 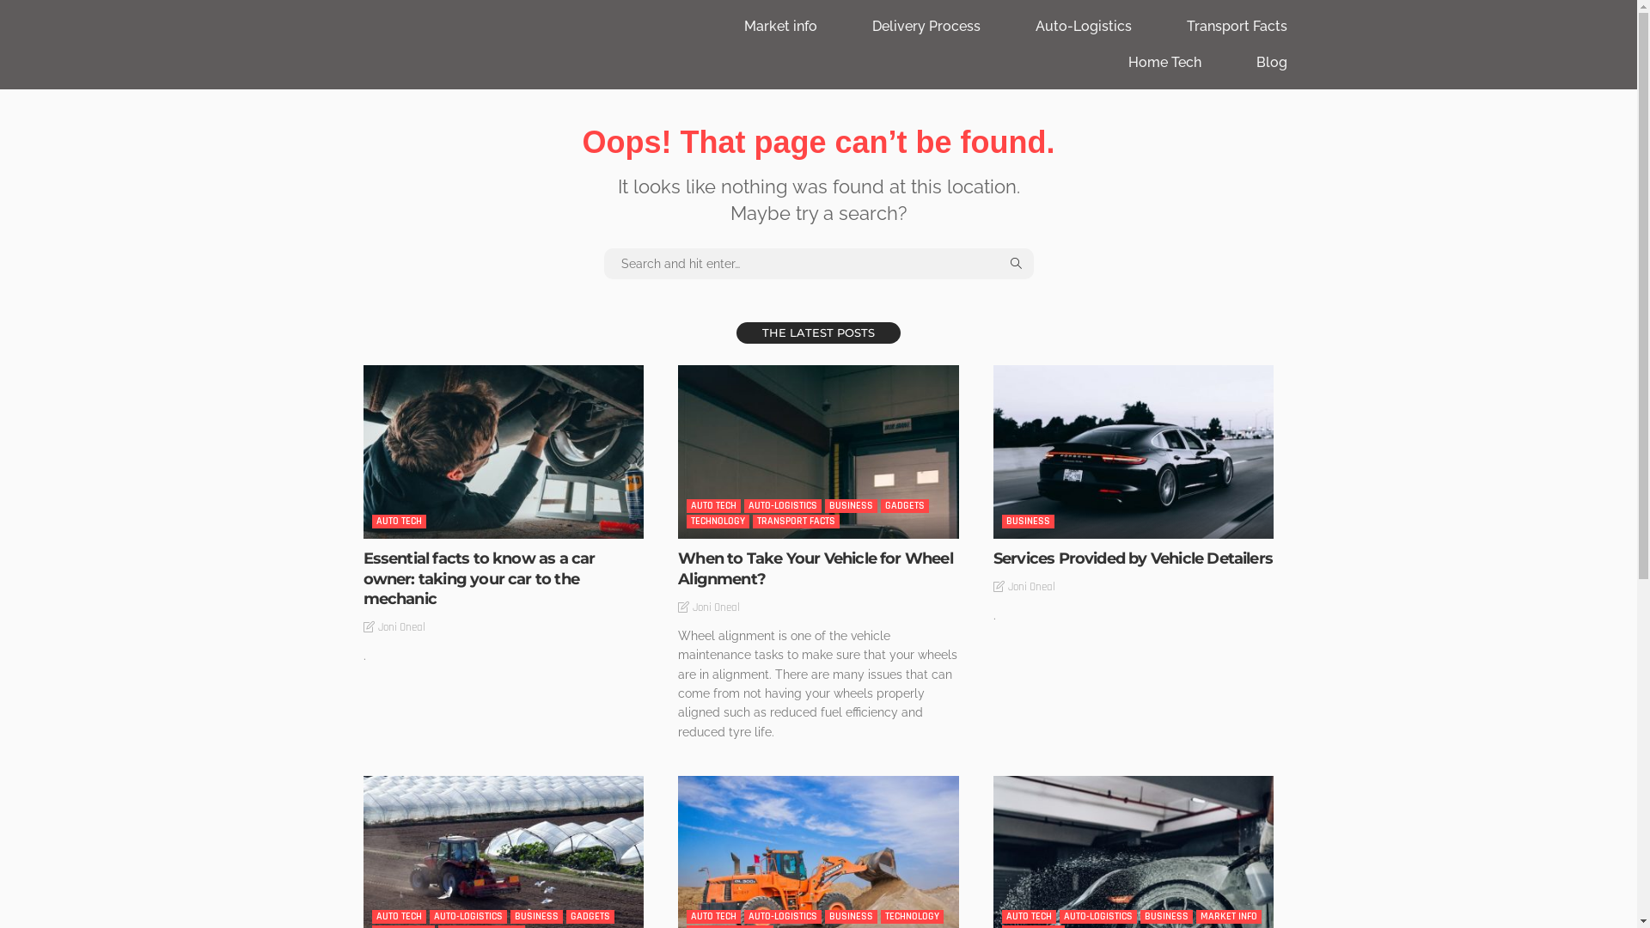 What do you see at coordinates (903, 505) in the screenshot?
I see `'GADGETS'` at bounding box center [903, 505].